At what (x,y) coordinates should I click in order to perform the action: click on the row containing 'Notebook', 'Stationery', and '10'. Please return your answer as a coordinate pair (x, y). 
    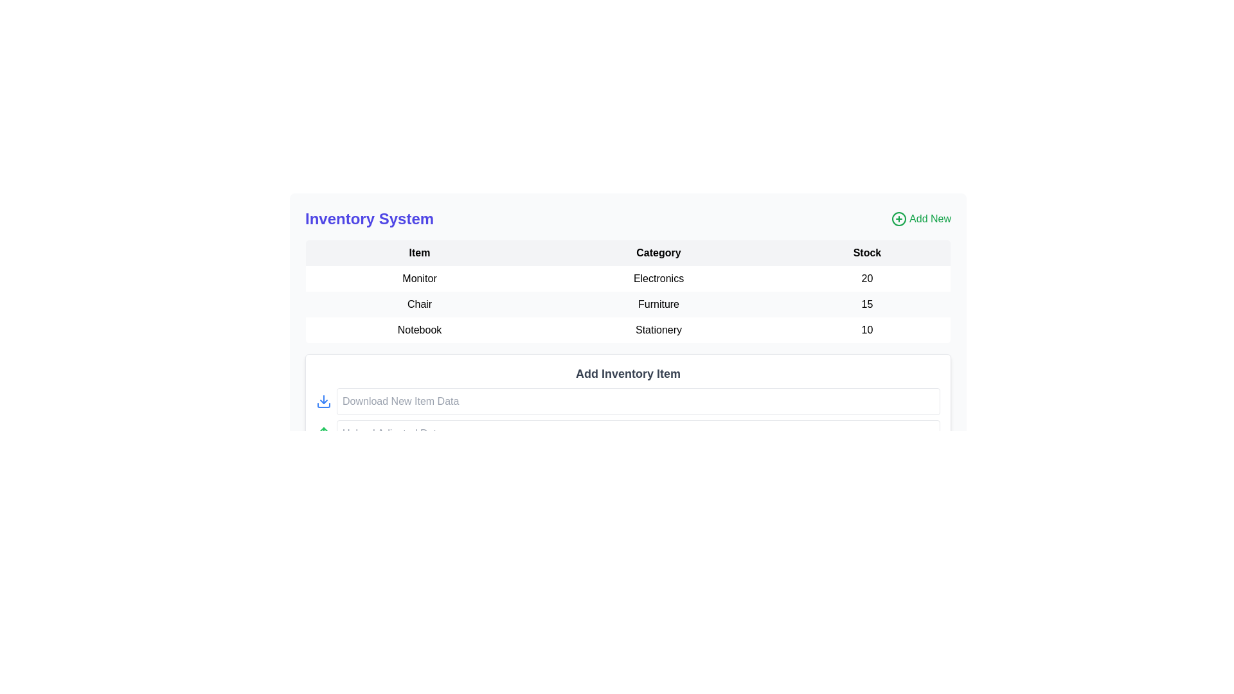
    Looking at the image, I should click on (628, 330).